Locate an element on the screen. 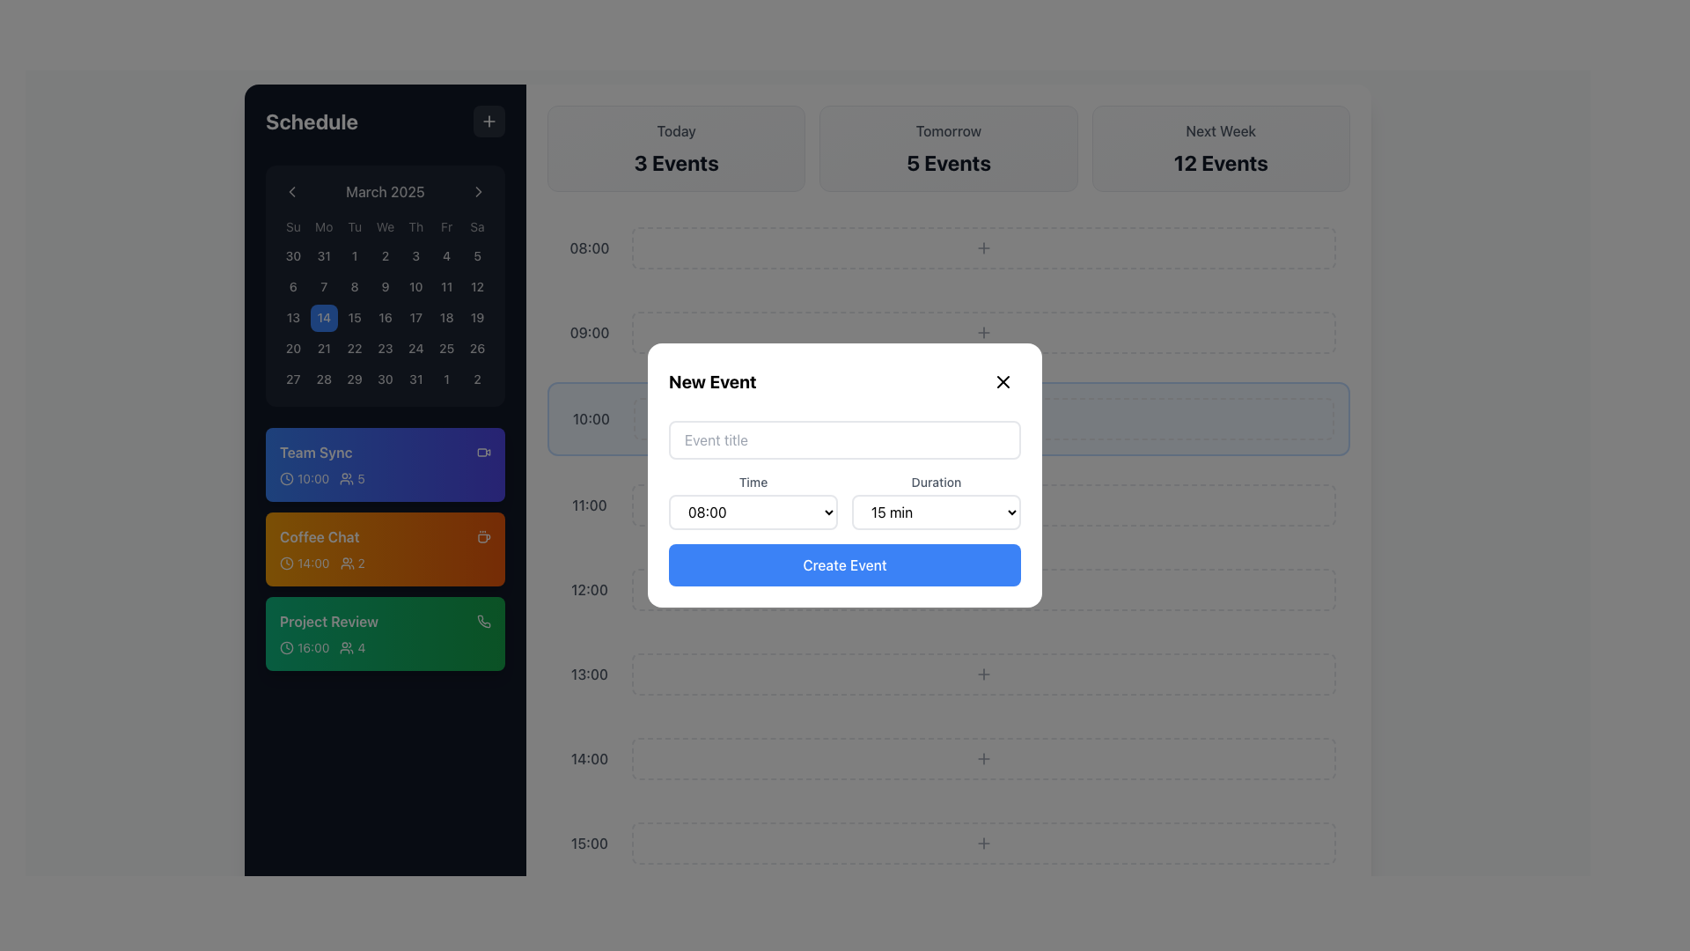 Image resolution: width=1690 pixels, height=951 pixels. the text label 'Th', which is the fifth item in a horizontally arranged grid representing the days of the week, located in the 'March 2025' section of the calendar sidebar is located at coordinates (415, 226).